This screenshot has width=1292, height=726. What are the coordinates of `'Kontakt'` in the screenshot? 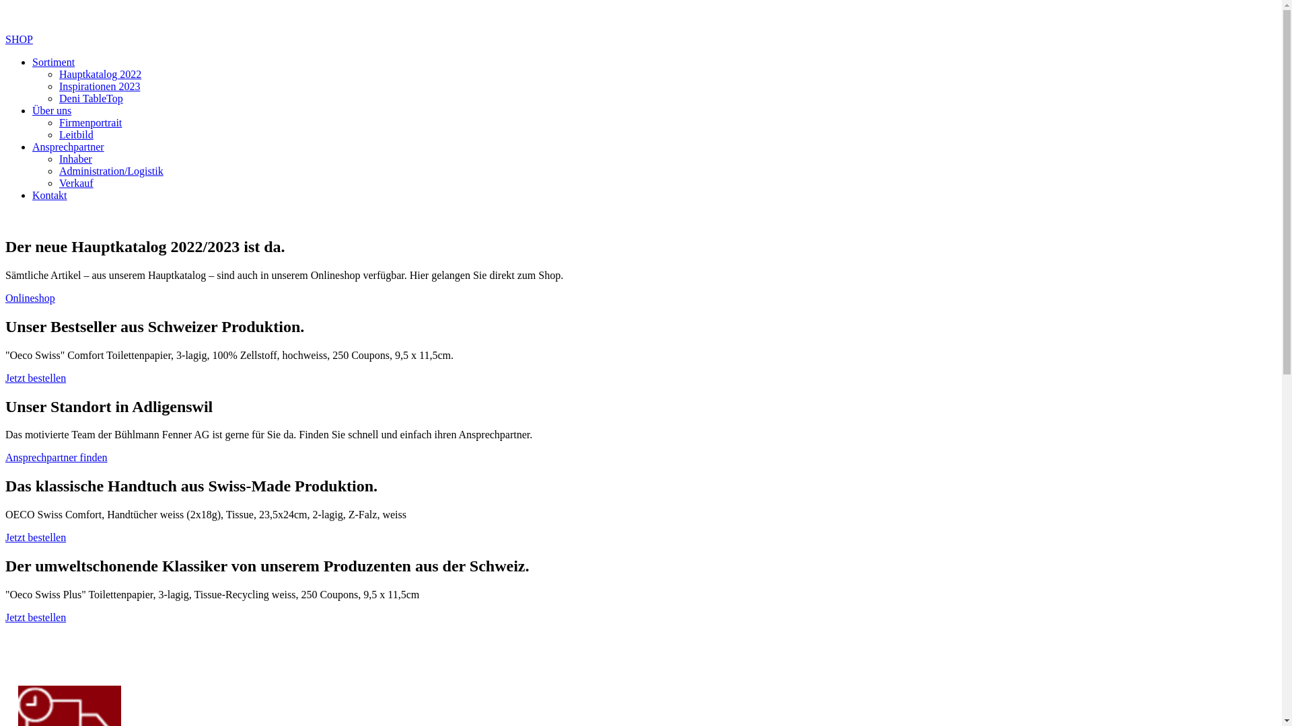 It's located at (49, 195).